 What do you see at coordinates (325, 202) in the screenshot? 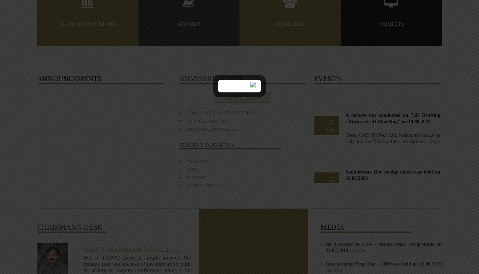
I see `'Review & Re – View program was held on 18.07.2019'` at bounding box center [325, 202].